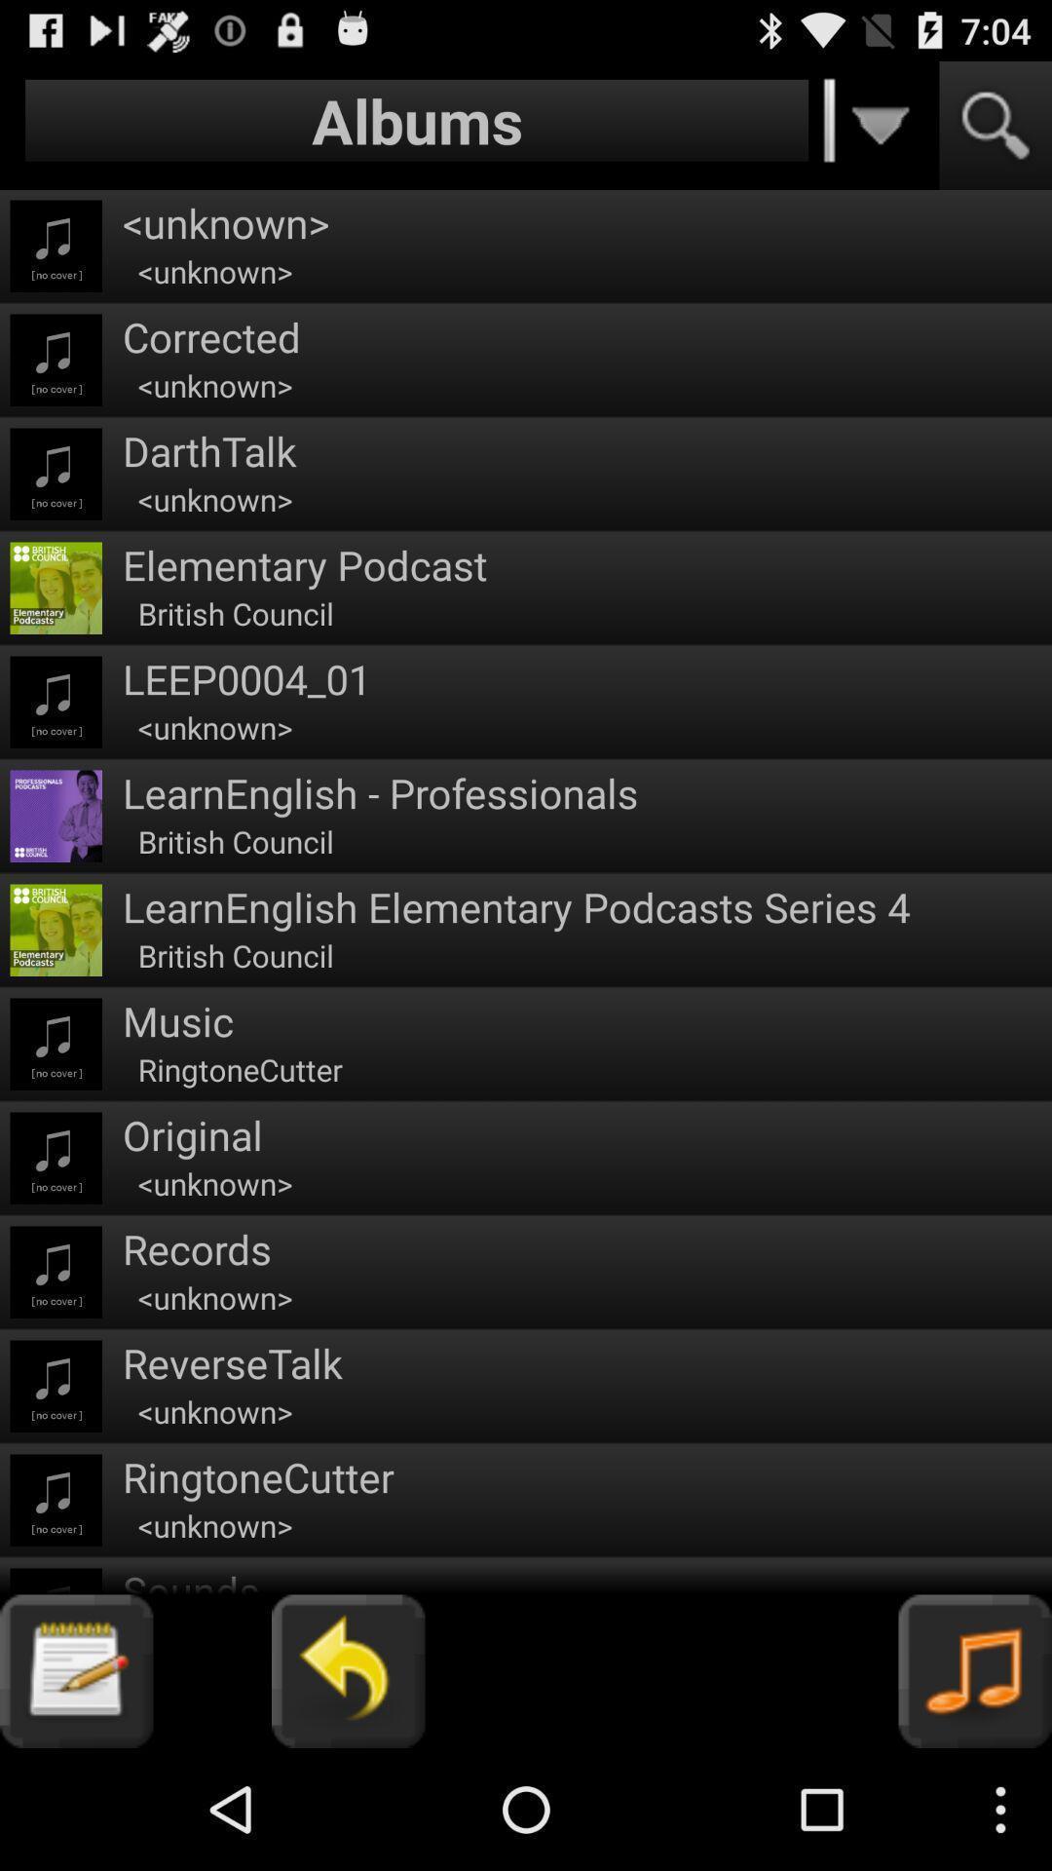 Image resolution: width=1052 pixels, height=1871 pixels. I want to click on the edit icon, so click(75, 1788).